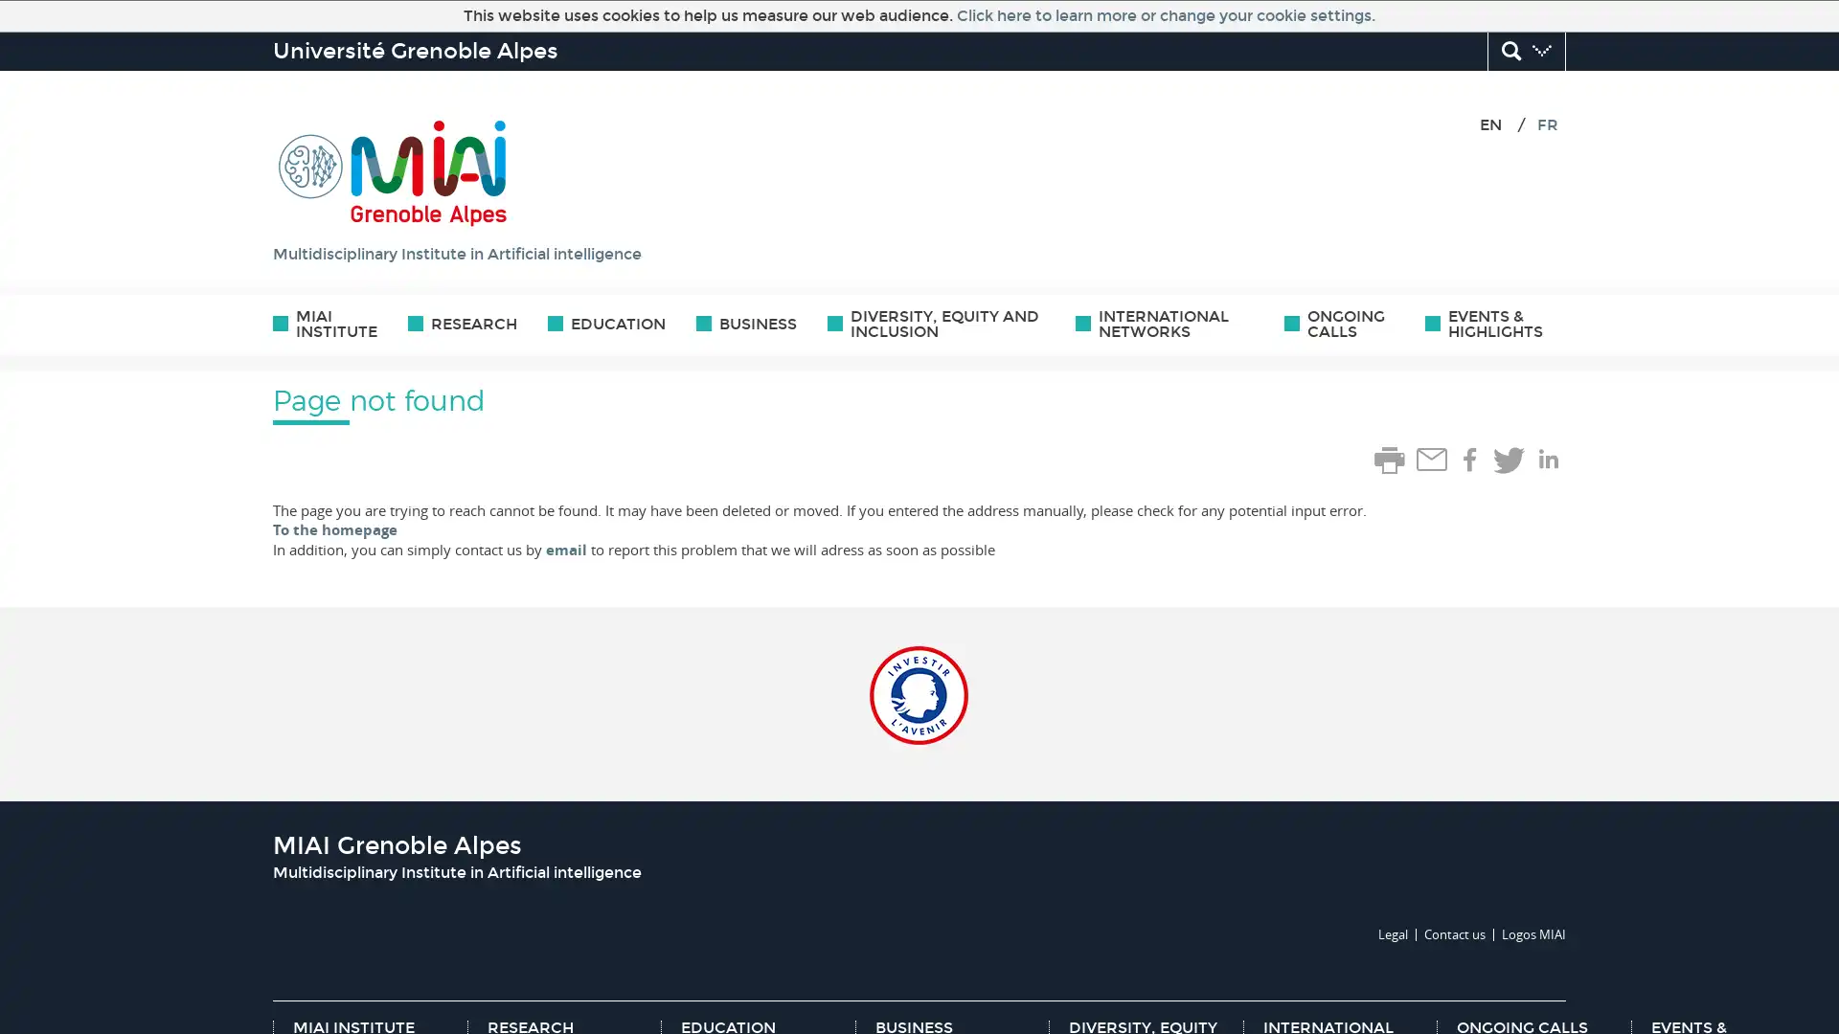 Image resolution: width=1839 pixels, height=1034 pixels. What do you see at coordinates (1525, 51) in the screenshot?
I see `Search` at bounding box center [1525, 51].